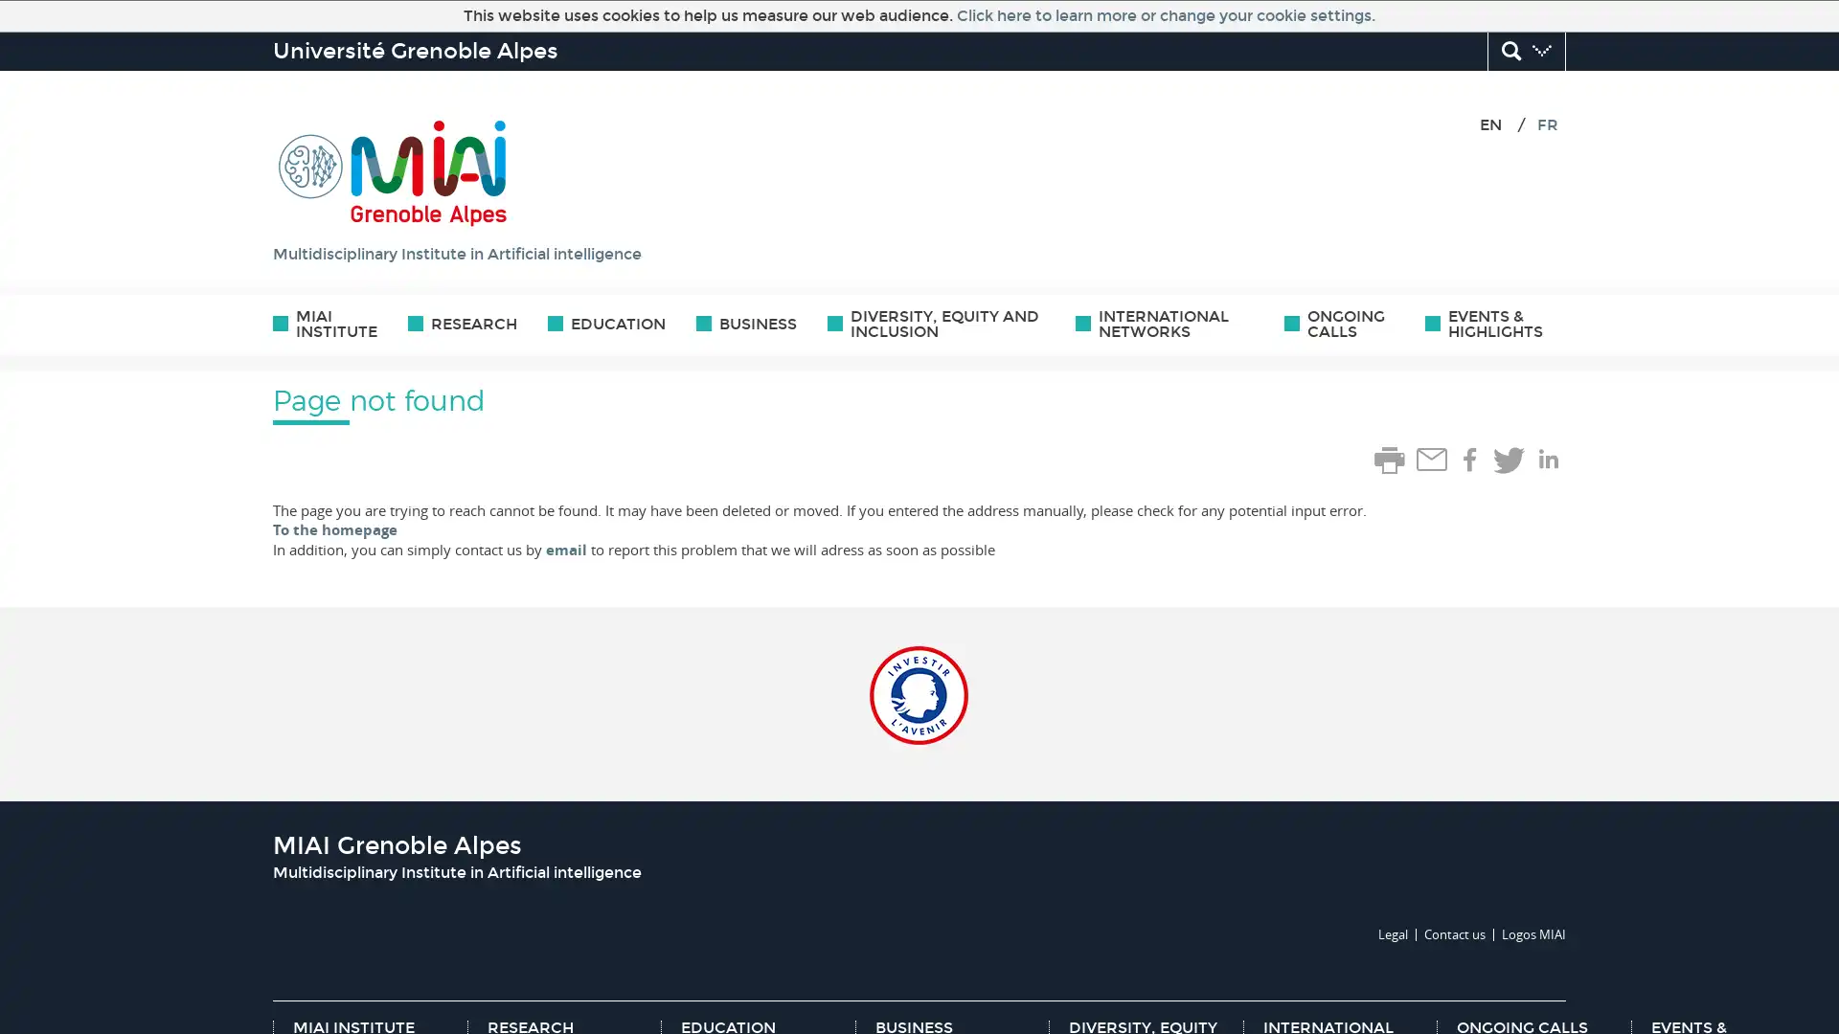 Image resolution: width=1839 pixels, height=1034 pixels. What do you see at coordinates (1525, 51) in the screenshot?
I see `Search` at bounding box center [1525, 51].